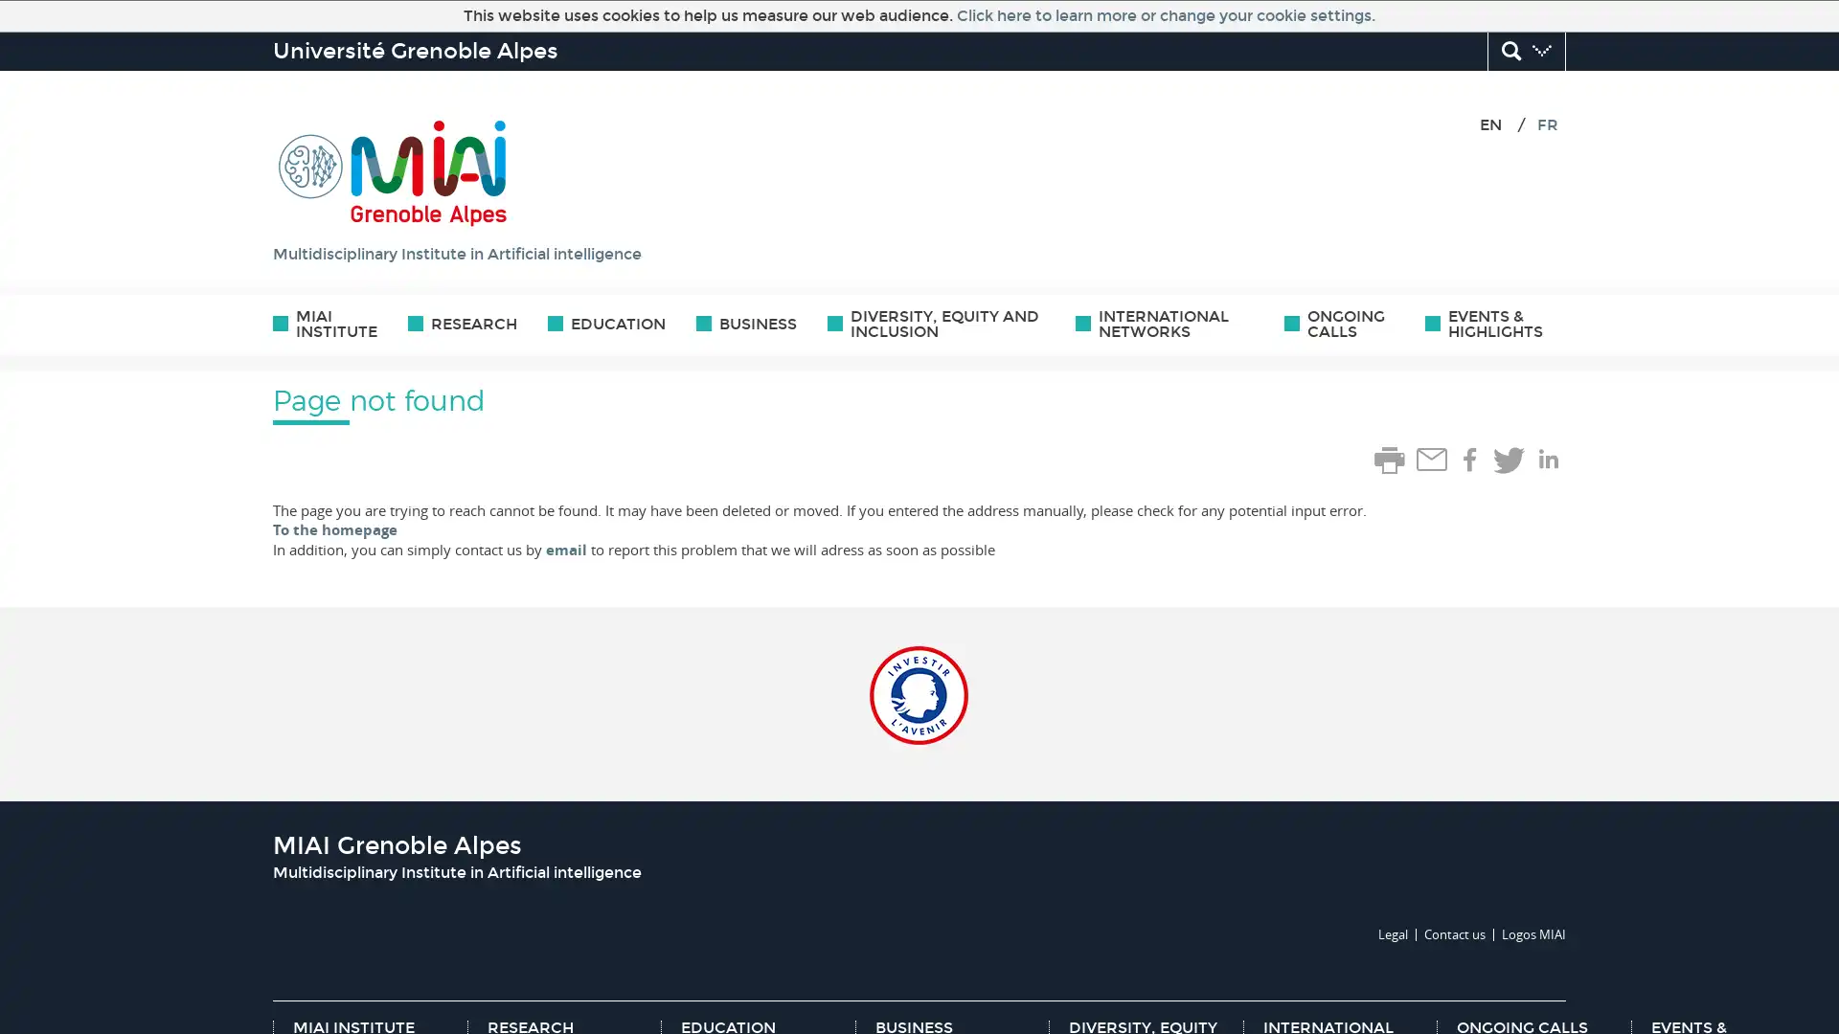 Image resolution: width=1839 pixels, height=1034 pixels. What do you see at coordinates (1525, 51) in the screenshot?
I see `Search` at bounding box center [1525, 51].